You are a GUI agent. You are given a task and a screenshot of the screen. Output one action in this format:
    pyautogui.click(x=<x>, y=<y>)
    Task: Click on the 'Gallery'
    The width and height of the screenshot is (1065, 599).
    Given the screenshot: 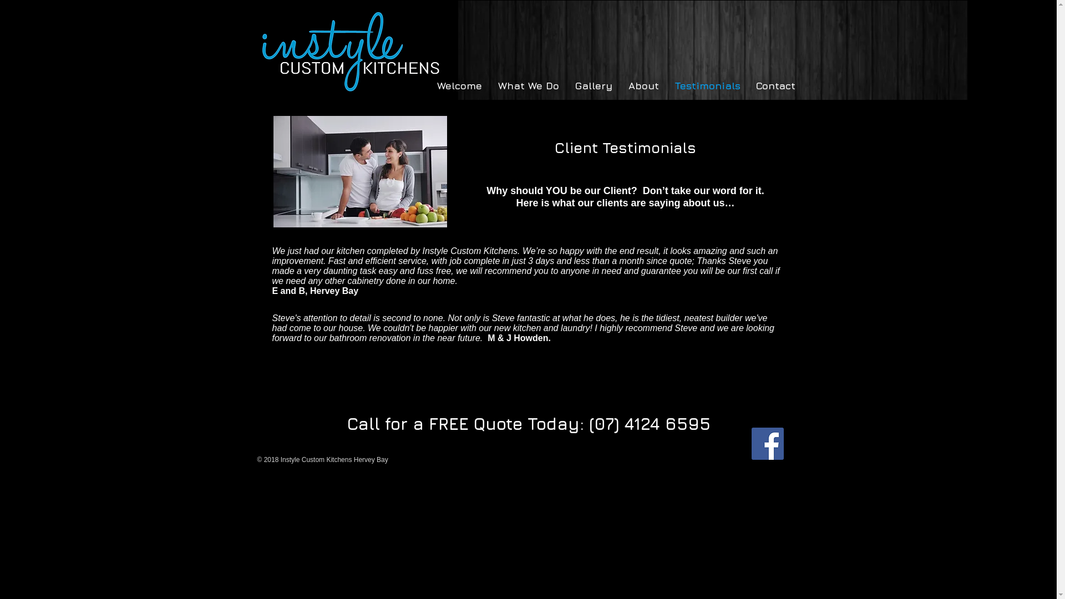 What is the action you would take?
    pyautogui.click(x=590, y=85)
    